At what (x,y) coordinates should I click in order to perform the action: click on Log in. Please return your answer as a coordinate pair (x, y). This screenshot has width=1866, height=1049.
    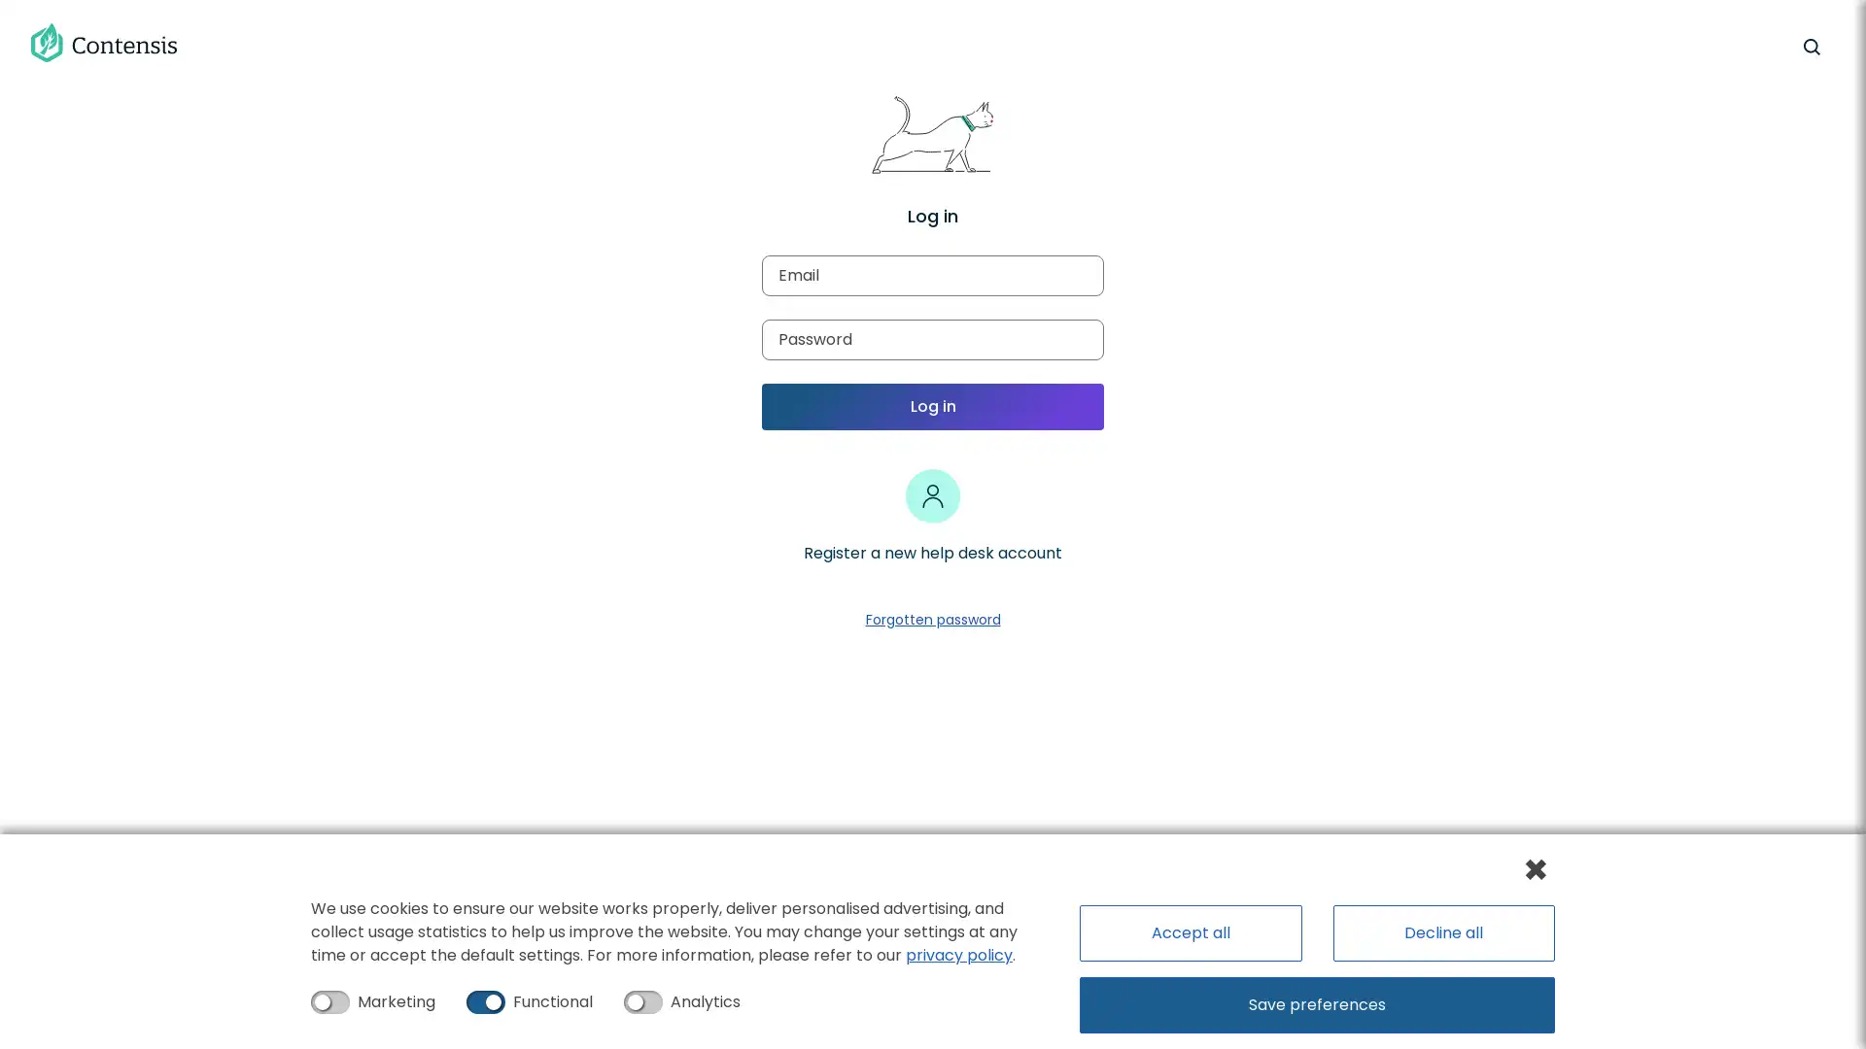
    Looking at the image, I should click on (933, 406).